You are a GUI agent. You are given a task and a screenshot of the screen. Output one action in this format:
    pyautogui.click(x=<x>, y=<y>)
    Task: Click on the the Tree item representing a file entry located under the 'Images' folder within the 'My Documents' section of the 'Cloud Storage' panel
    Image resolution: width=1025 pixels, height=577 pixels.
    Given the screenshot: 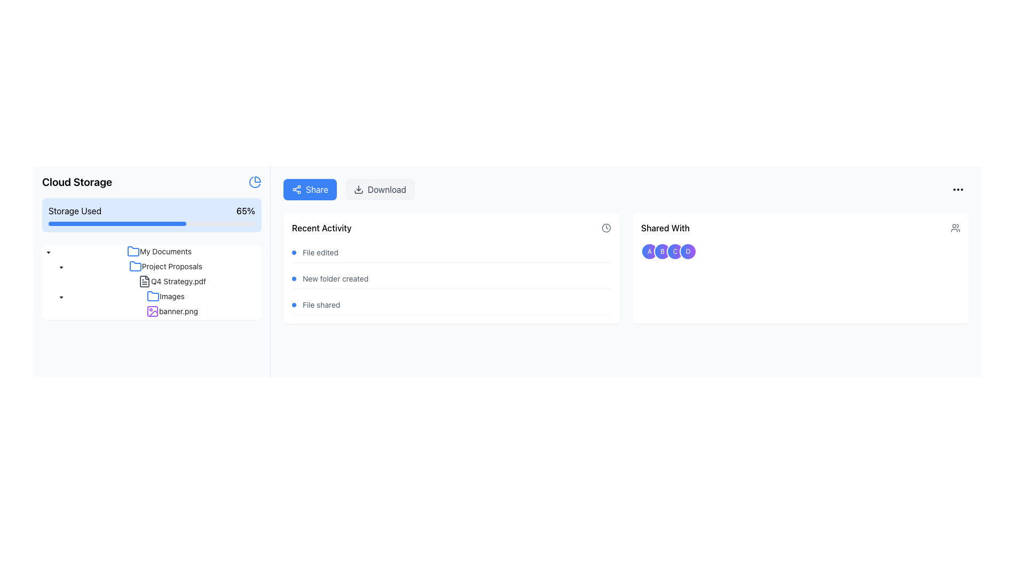 What is the action you would take?
    pyautogui.click(x=151, y=311)
    